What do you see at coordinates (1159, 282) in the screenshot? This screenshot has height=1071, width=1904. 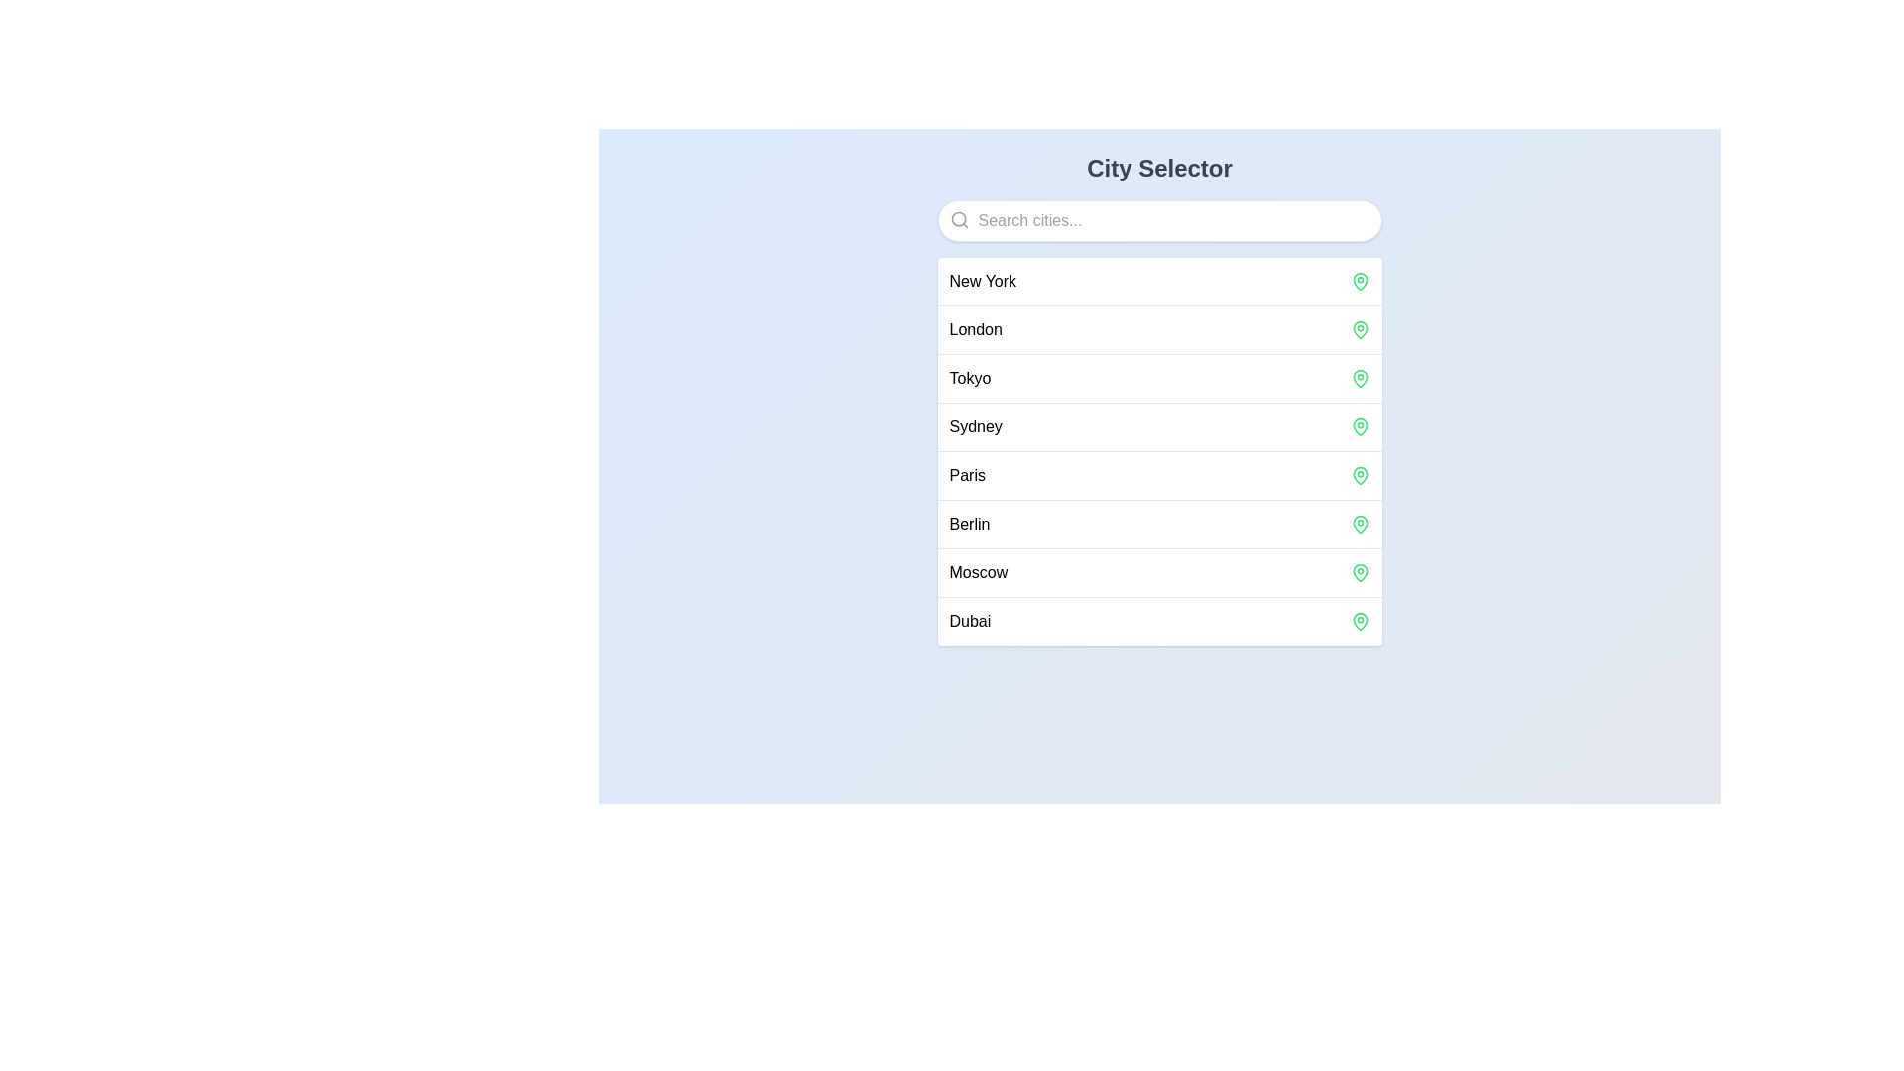 I see `the first interactive list item displaying 'New York' in the 'City Selector' panel` at bounding box center [1159, 282].